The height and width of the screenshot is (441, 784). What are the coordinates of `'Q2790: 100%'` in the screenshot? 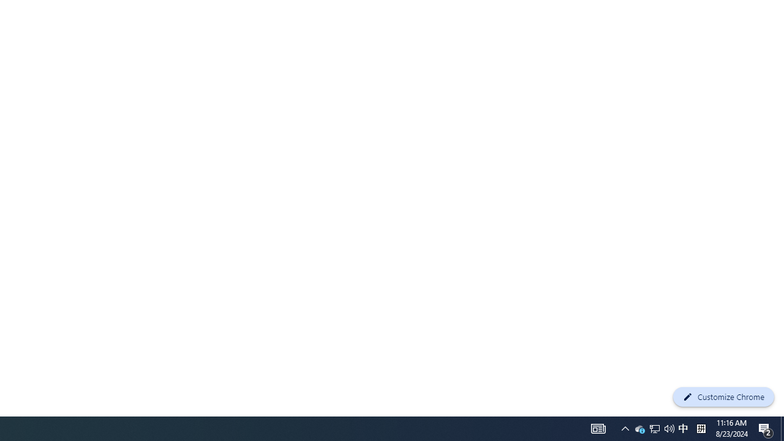 It's located at (654, 428).